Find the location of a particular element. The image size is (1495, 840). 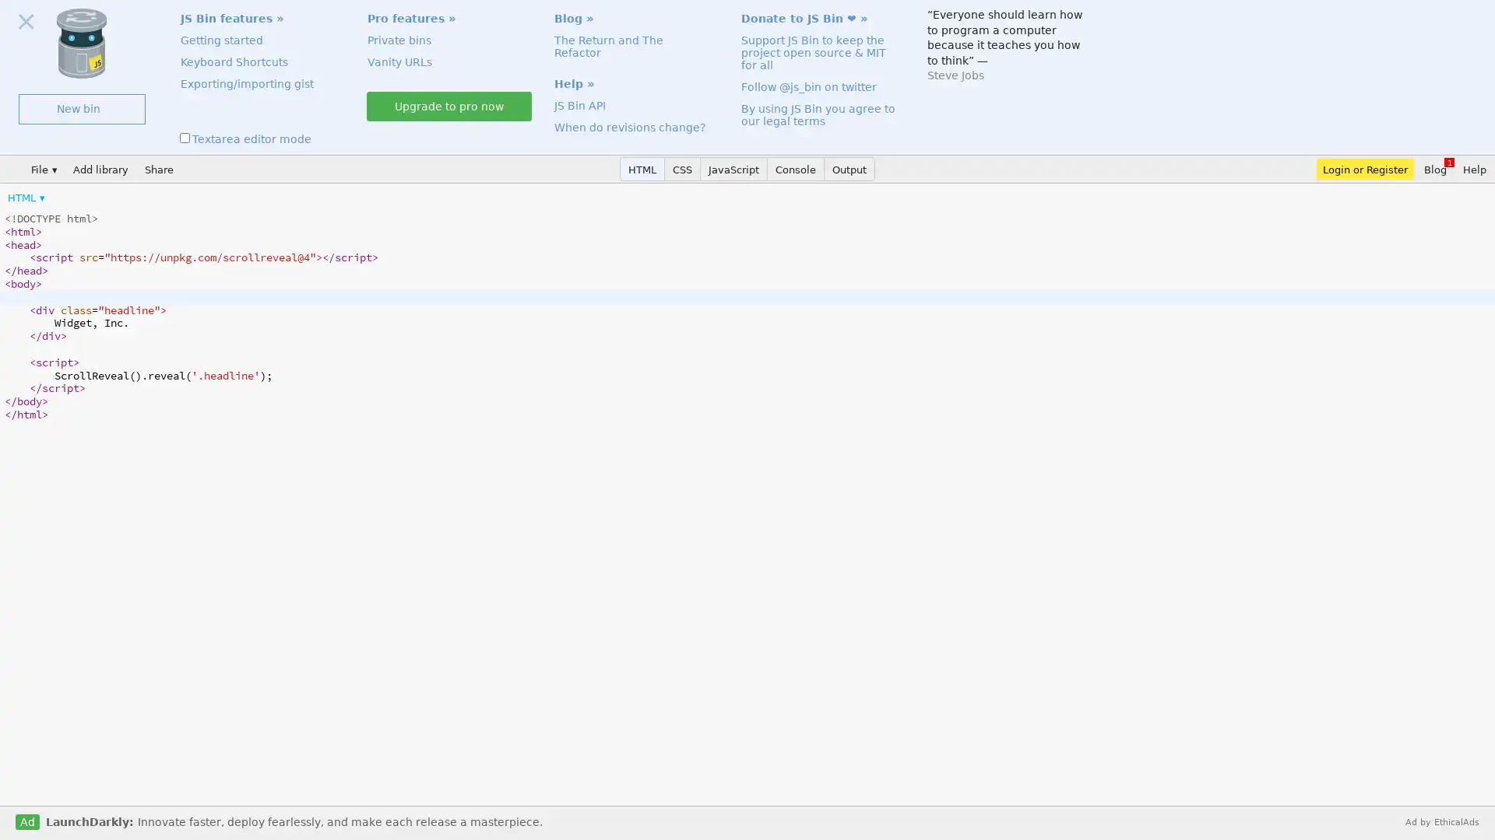

HTML Panel: Active is located at coordinates (642, 169).